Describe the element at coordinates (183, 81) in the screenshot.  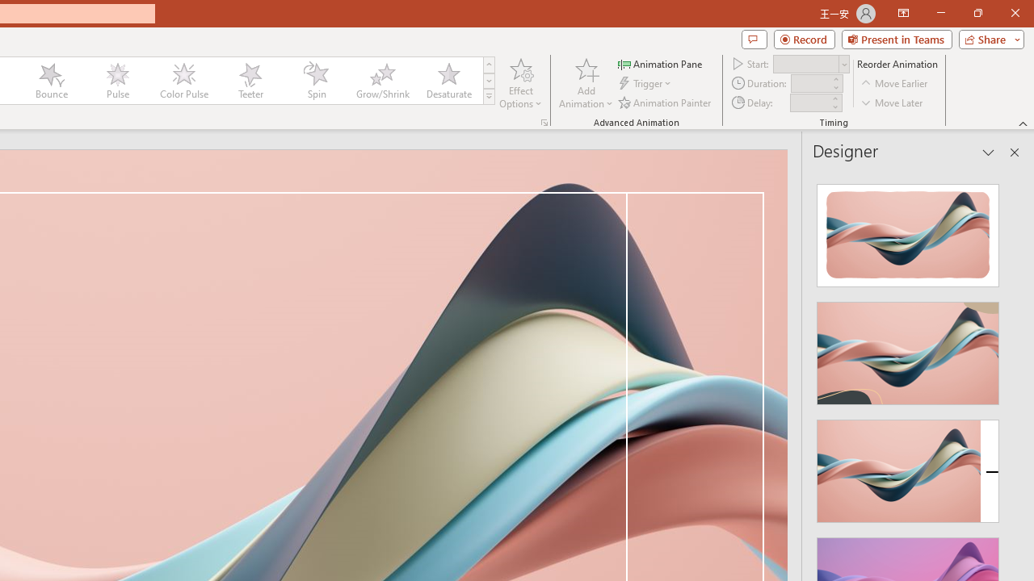
I see `'Color Pulse'` at that location.